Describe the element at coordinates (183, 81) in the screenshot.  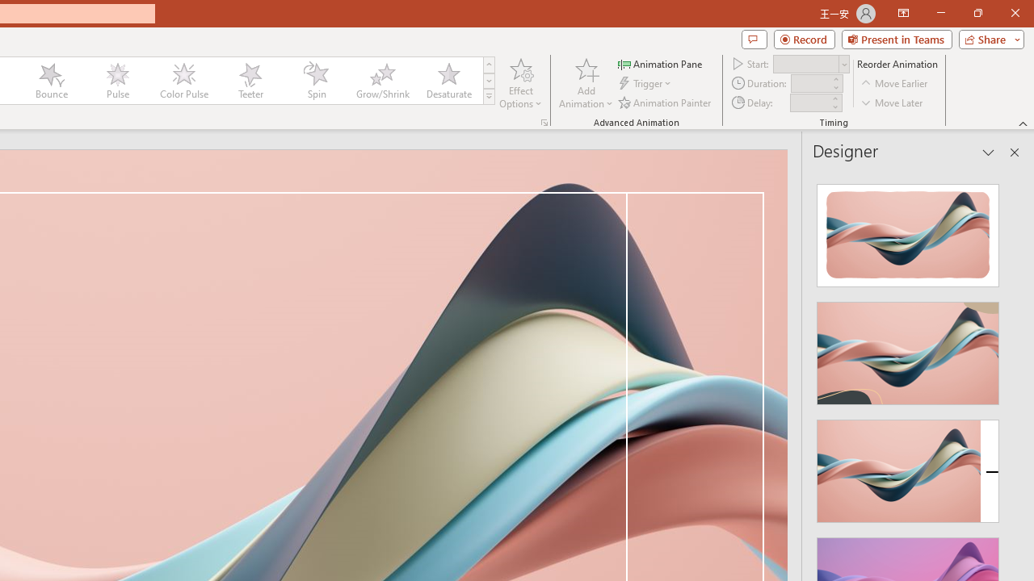
I see `'Color Pulse'` at that location.